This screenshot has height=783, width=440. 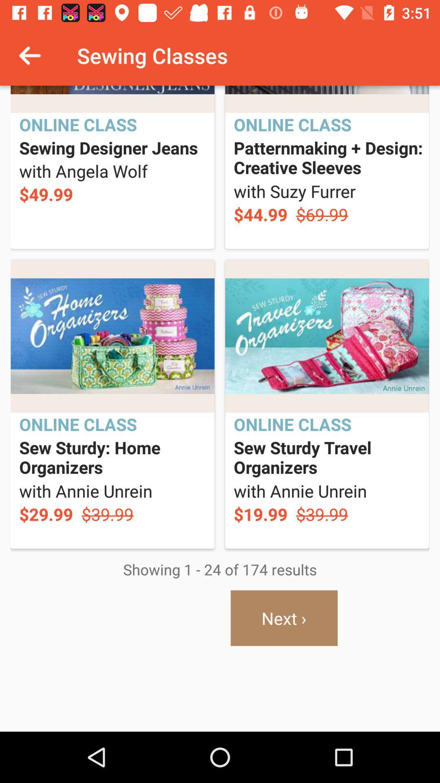 What do you see at coordinates (29, 55) in the screenshot?
I see `icon next to sewing classes icon` at bounding box center [29, 55].